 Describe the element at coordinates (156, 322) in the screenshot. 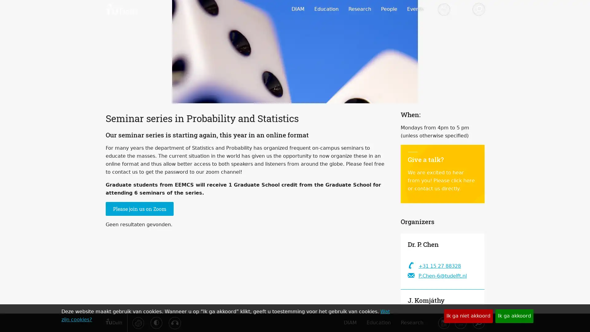

I see `Activeer hoog contrast` at that location.